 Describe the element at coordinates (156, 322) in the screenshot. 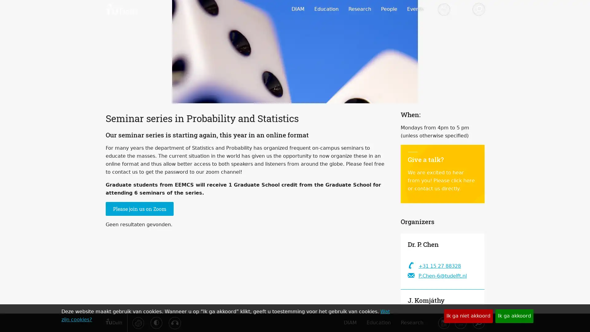

I see `Activeer hoog contrast` at that location.